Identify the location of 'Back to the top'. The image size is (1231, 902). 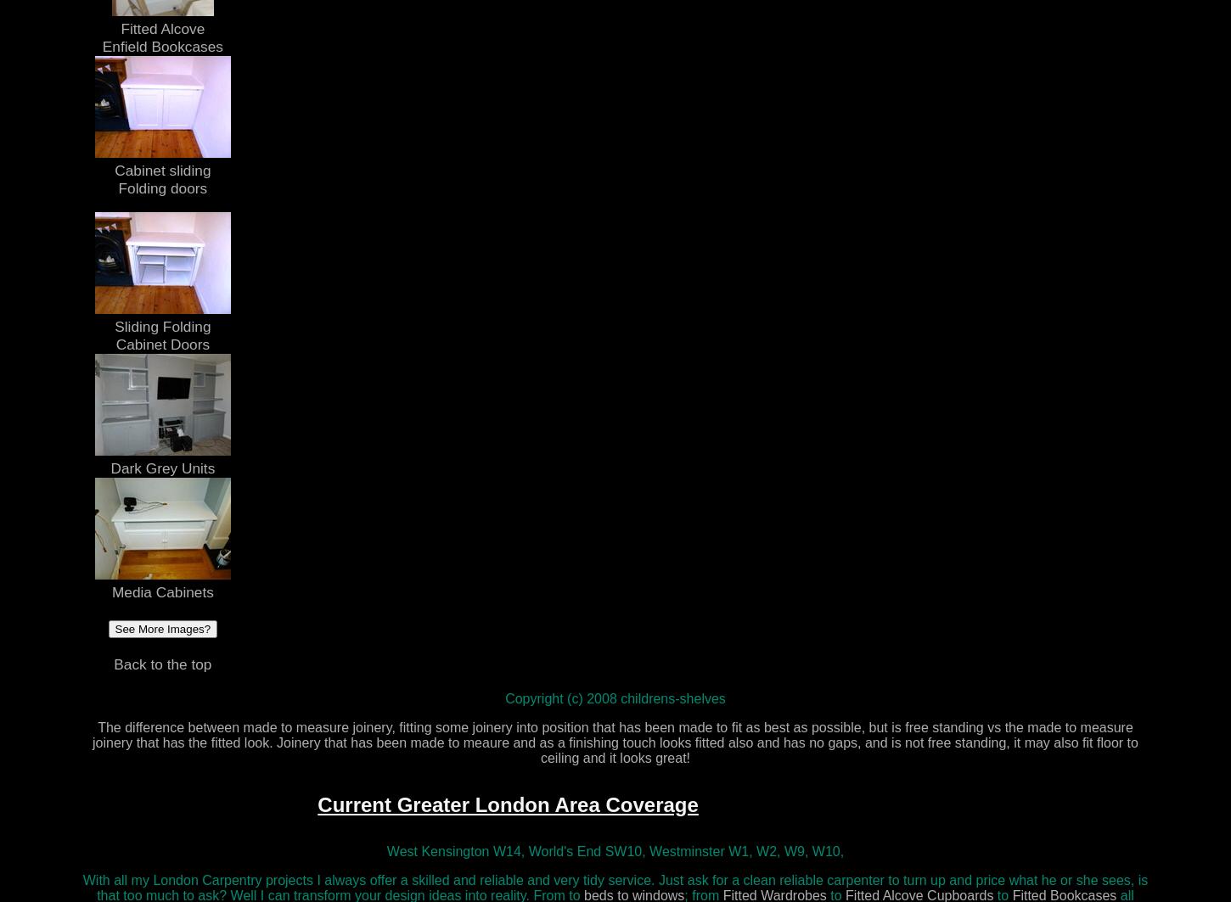
(161, 663).